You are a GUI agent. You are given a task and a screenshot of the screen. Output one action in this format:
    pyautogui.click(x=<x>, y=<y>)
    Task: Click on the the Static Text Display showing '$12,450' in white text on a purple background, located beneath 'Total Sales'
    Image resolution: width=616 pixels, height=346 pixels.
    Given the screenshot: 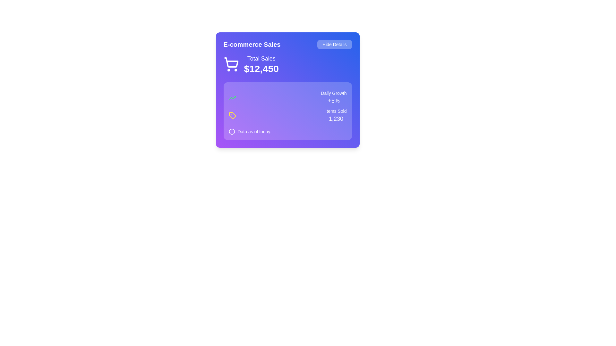 What is the action you would take?
    pyautogui.click(x=261, y=69)
    